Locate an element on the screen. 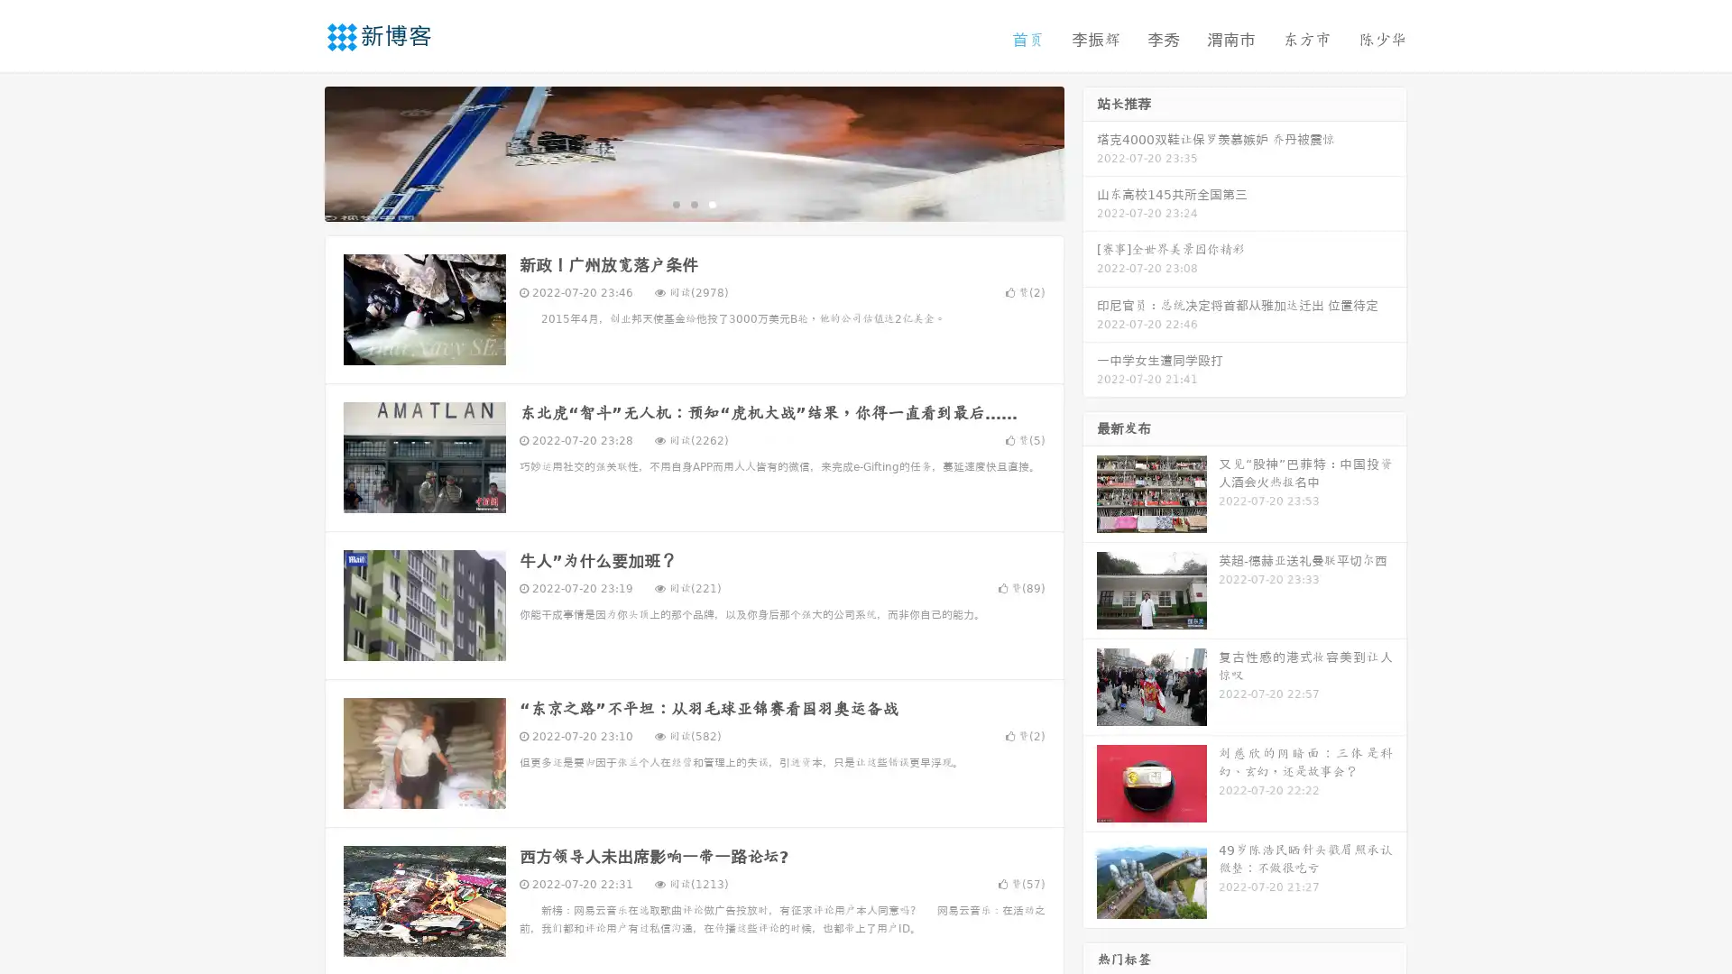  Go to slide 2 is located at coordinates (693, 203).